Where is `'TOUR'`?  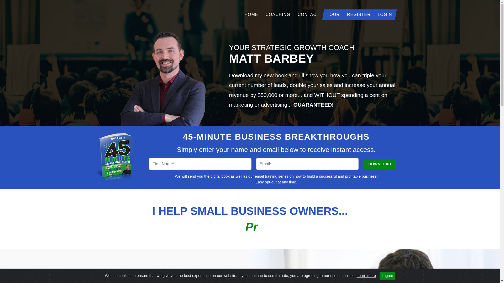 'TOUR' is located at coordinates (323, 14).